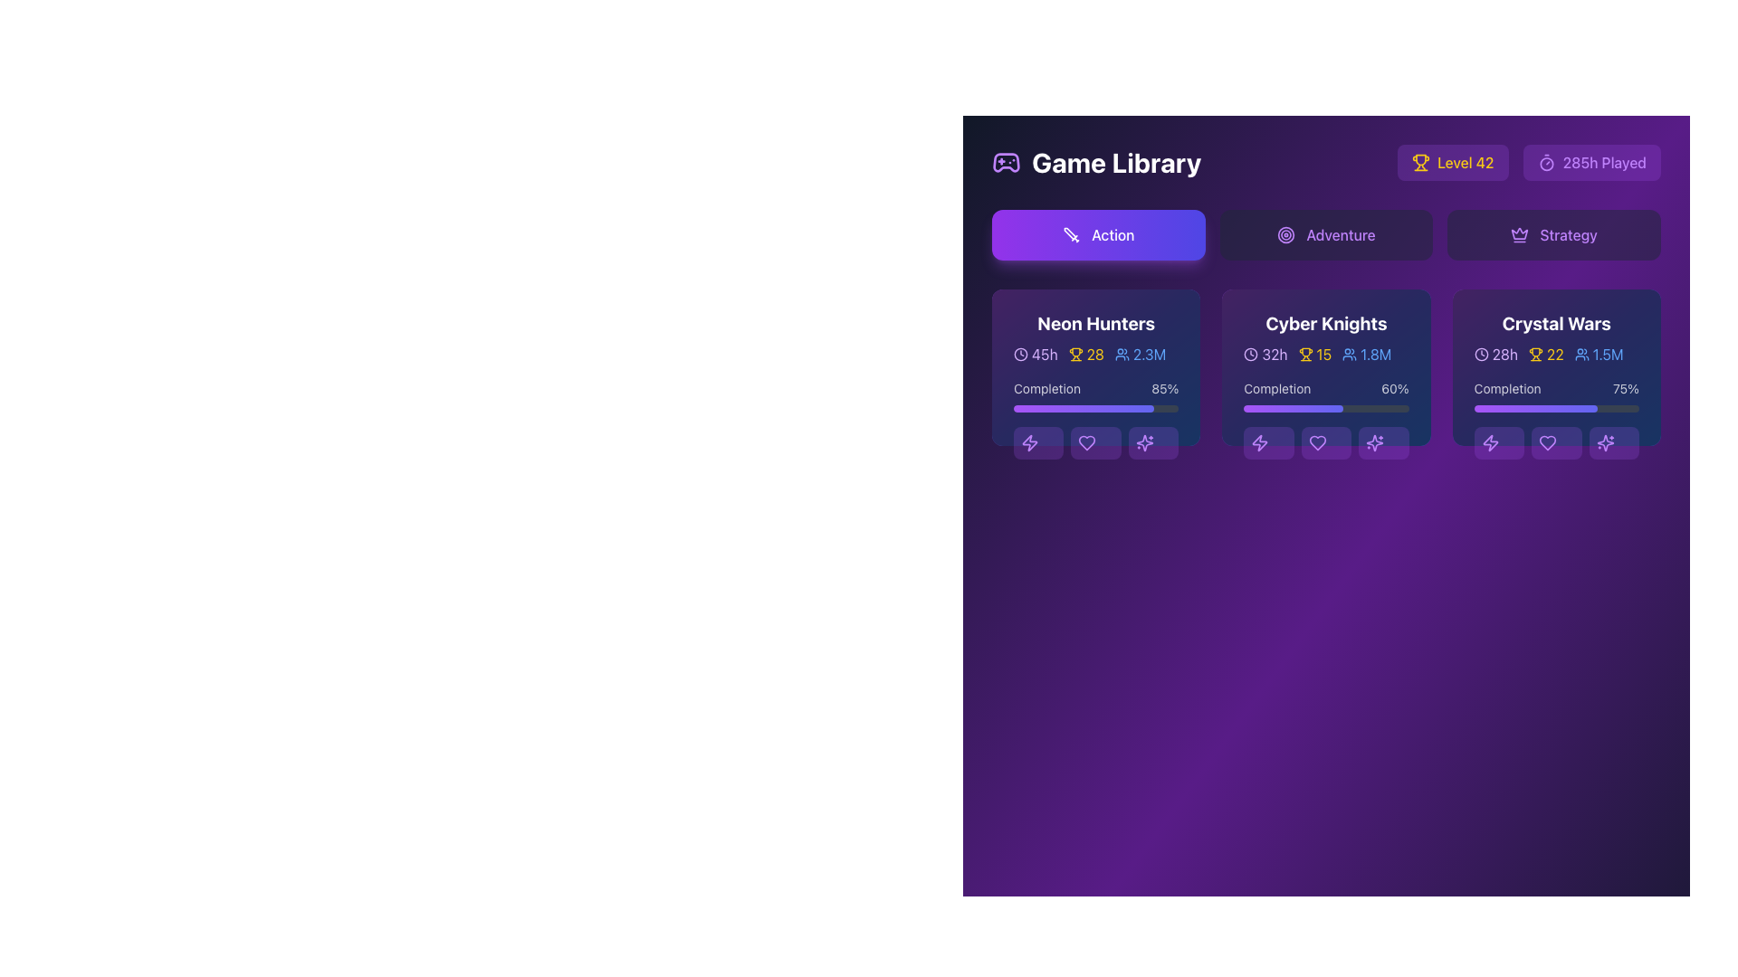 The width and height of the screenshot is (1738, 977). I want to click on the text element displaying '1.8M' in blue font, which is located to the right of a small user icon on the 'Cyber Knights' card, so click(1376, 355).